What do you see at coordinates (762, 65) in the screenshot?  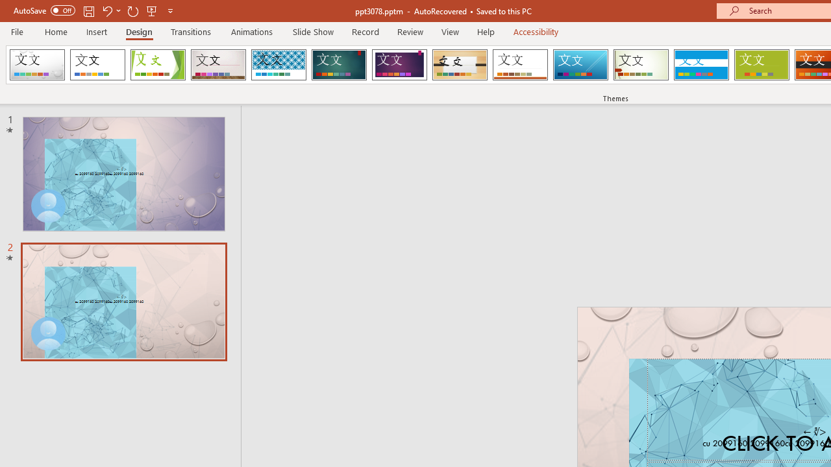 I see `'Basis'` at bounding box center [762, 65].